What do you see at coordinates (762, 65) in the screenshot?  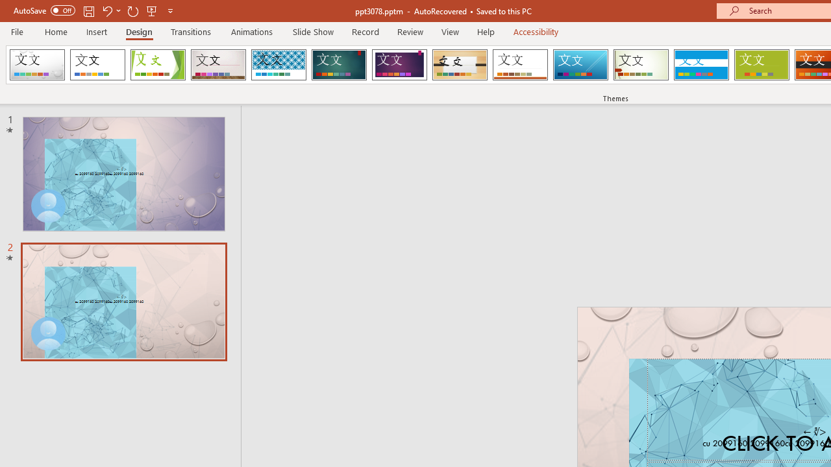 I see `'Basis'` at bounding box center [762, 65].